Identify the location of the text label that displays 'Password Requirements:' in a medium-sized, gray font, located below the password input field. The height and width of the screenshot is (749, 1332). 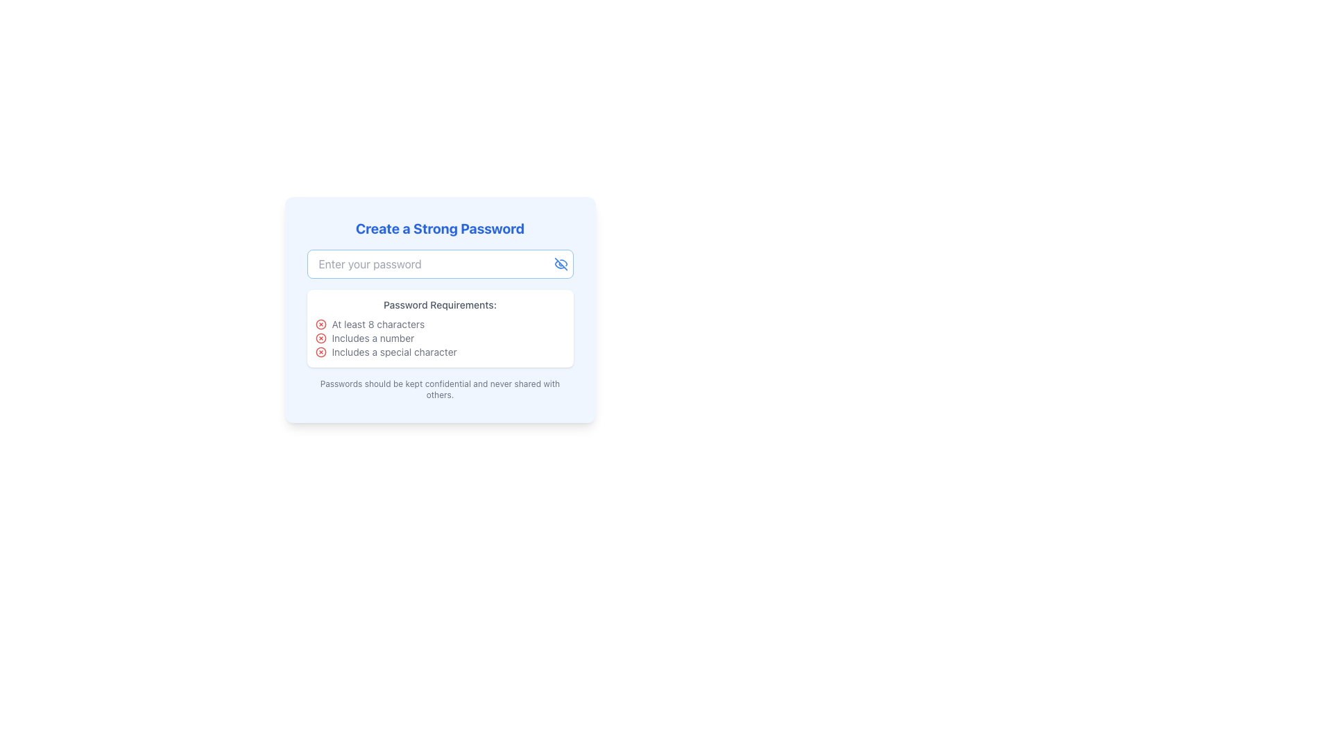
(439, 304).